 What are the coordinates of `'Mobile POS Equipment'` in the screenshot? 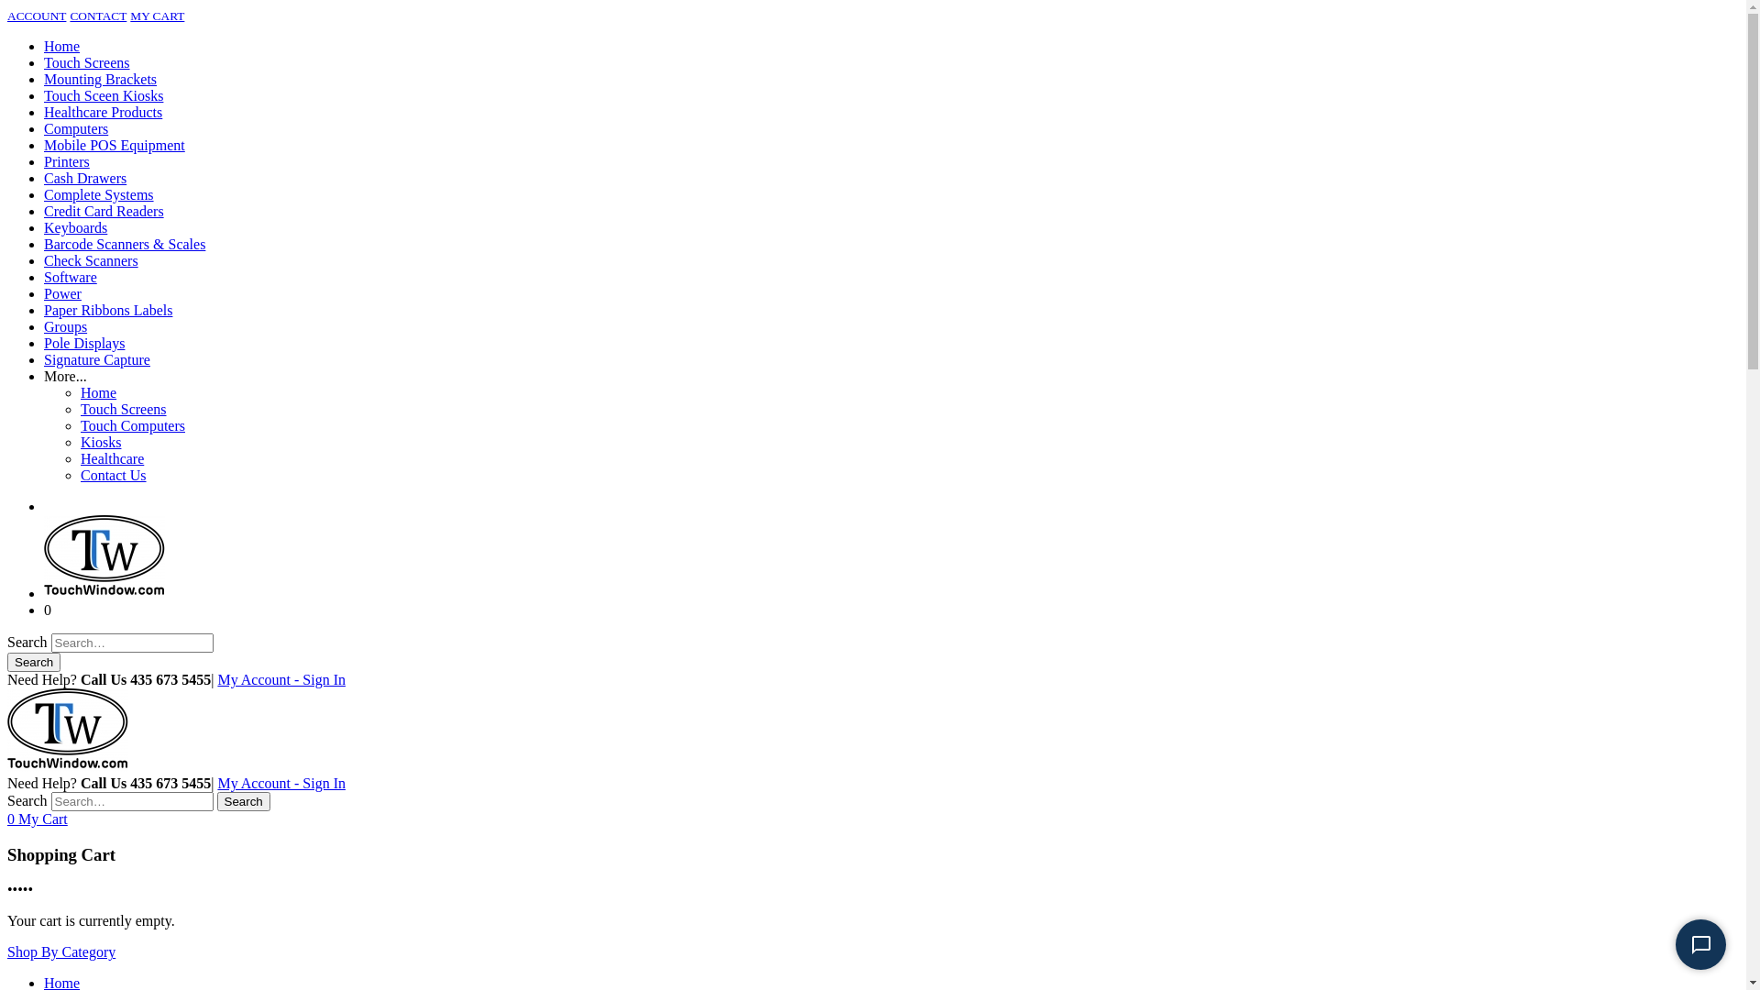 It's located at (113, 144).